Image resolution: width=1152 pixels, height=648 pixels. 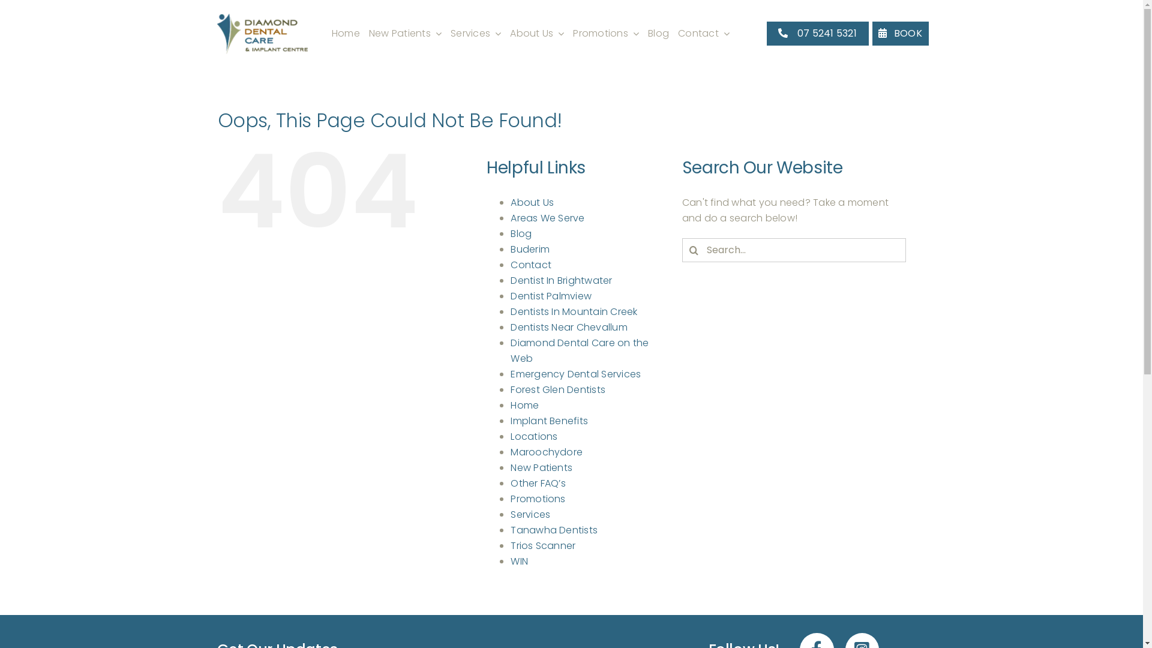 I want to click on 'Contact', so click(x=530, y=264).